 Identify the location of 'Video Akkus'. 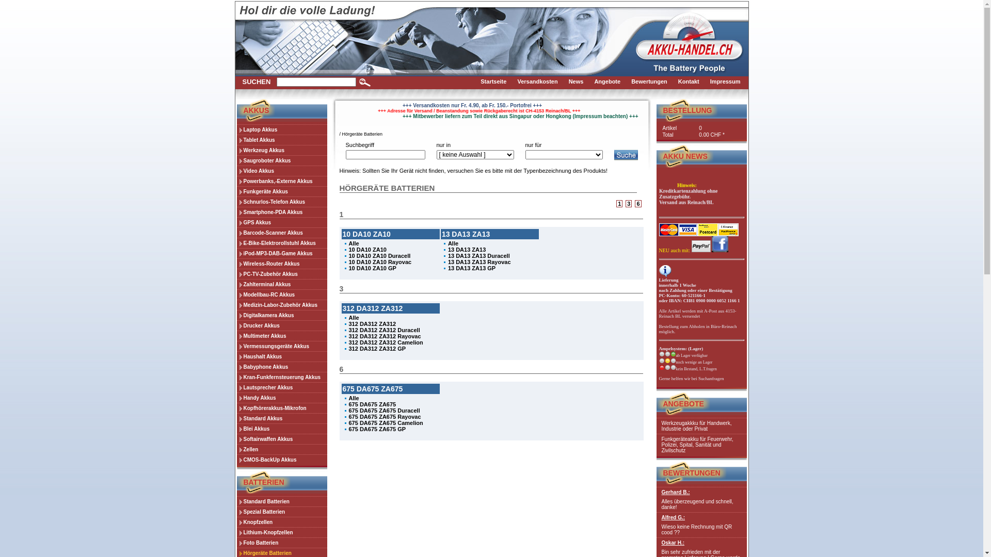
(281, 170).